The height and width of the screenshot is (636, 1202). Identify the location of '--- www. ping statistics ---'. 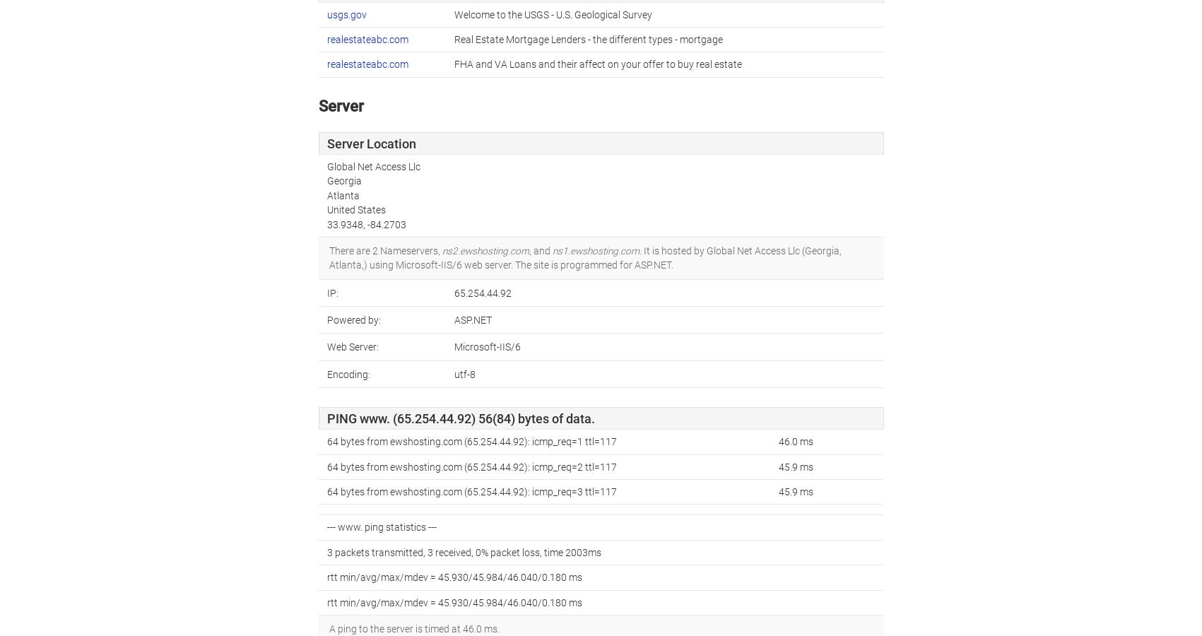
(382, 526).